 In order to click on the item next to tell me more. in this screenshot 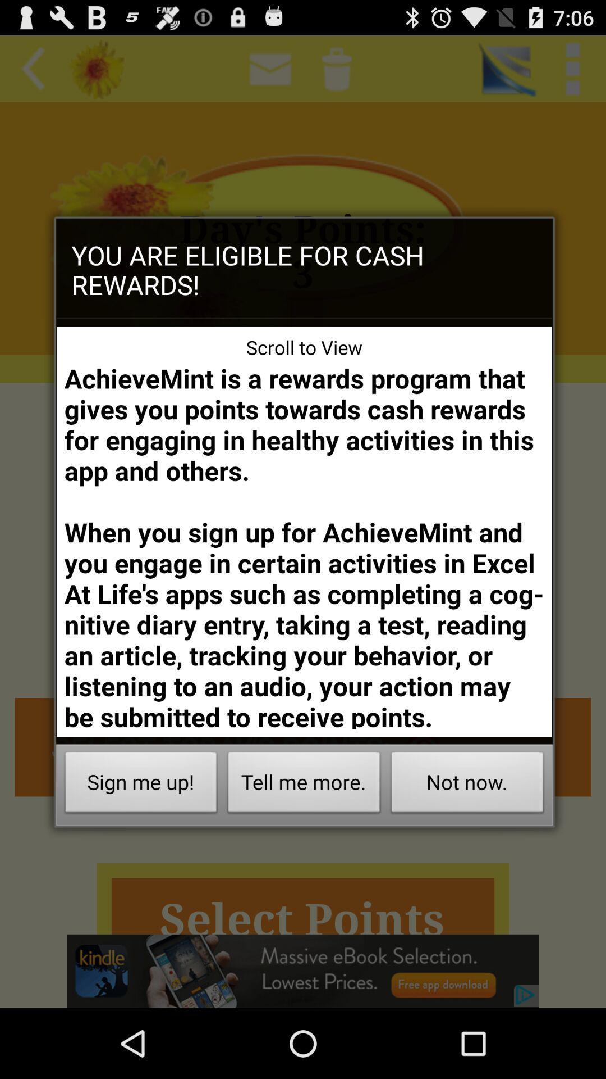, I will do `click(467, 785)`.